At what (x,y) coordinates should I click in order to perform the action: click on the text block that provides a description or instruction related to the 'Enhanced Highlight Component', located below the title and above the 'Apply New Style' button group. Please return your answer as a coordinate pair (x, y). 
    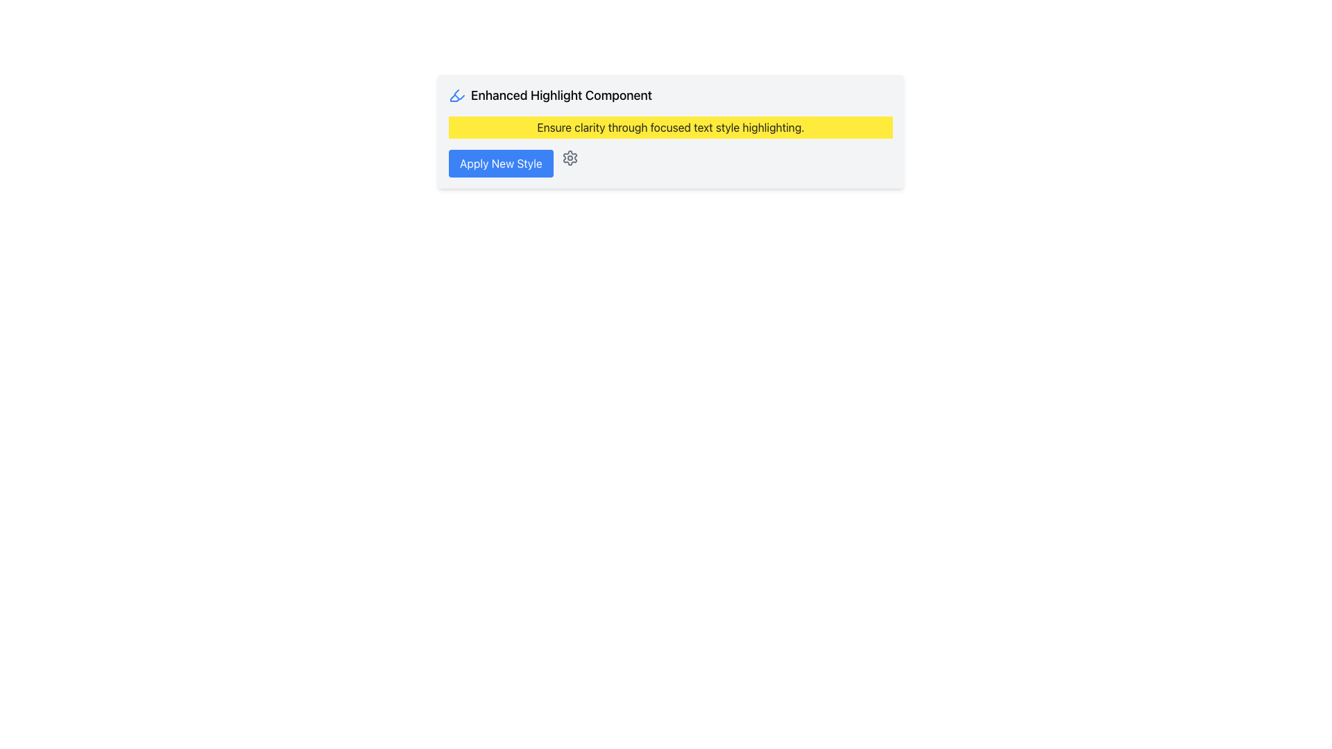
    Looking at the image, I should click on (670, 128).